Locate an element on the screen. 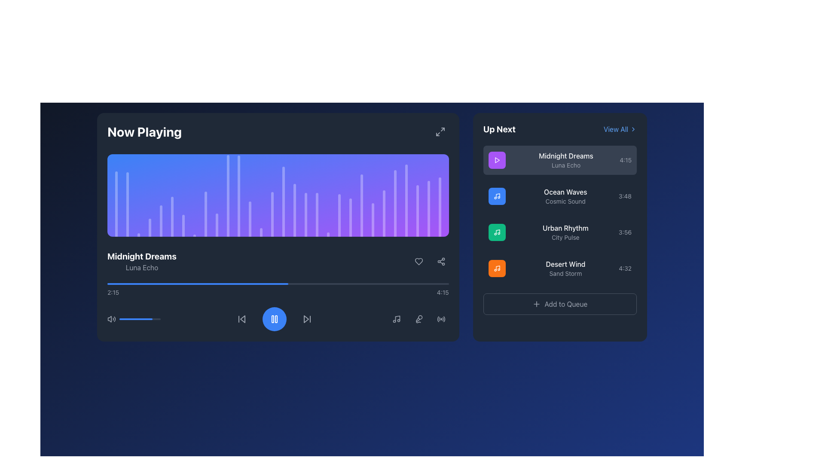  the displayed text indicating the duration of the associated audio track in the 'Up Next' list for the 'Midnight Dreams' audio entry is located at coordinates (626, 160).